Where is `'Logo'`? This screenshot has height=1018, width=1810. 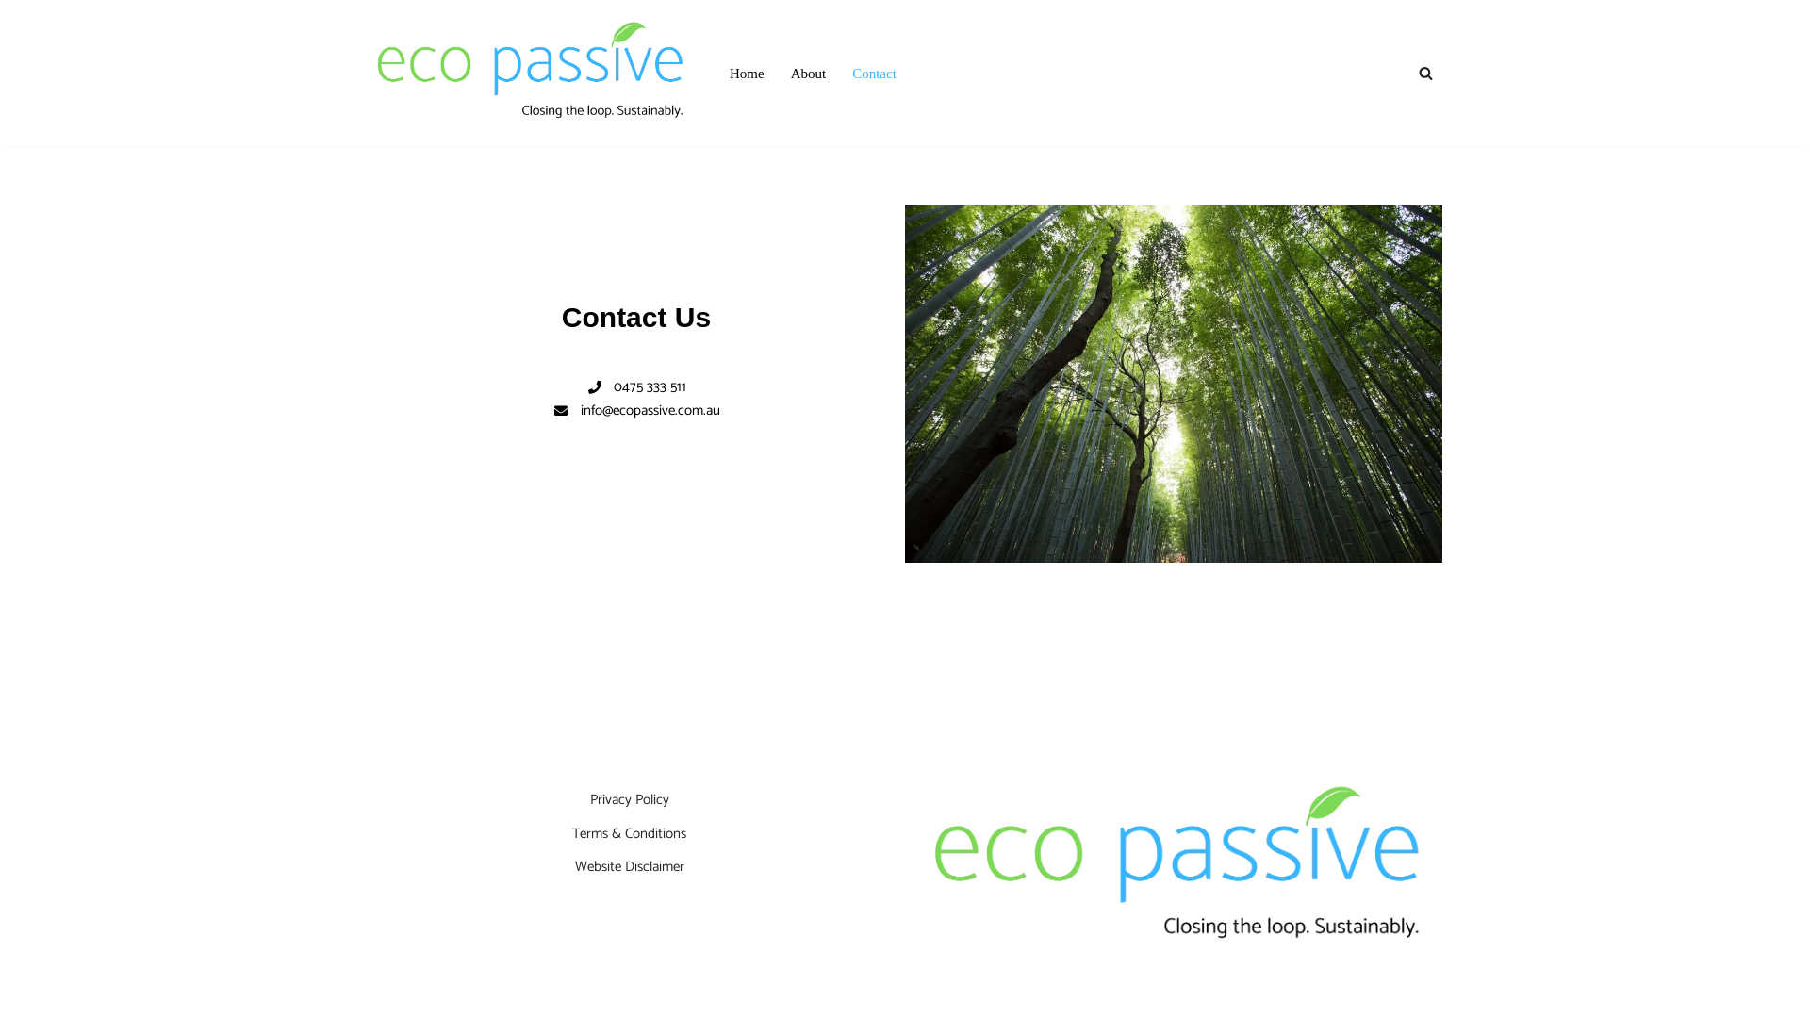 'Logo' is located at coordinates (1179, 867).